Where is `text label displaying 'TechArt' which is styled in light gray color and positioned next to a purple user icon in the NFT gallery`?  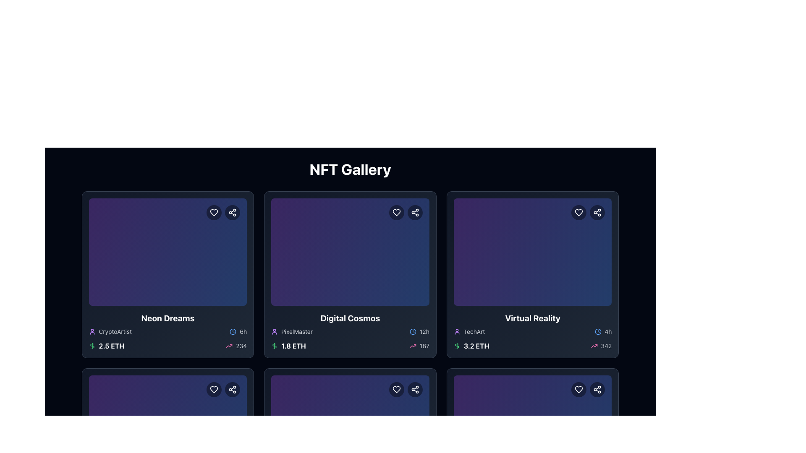 text label displaying 'TechArt' which is styled in light gray color and positioned next to a purple user icon in the NFT gallery is located at coordinates (469, 331).